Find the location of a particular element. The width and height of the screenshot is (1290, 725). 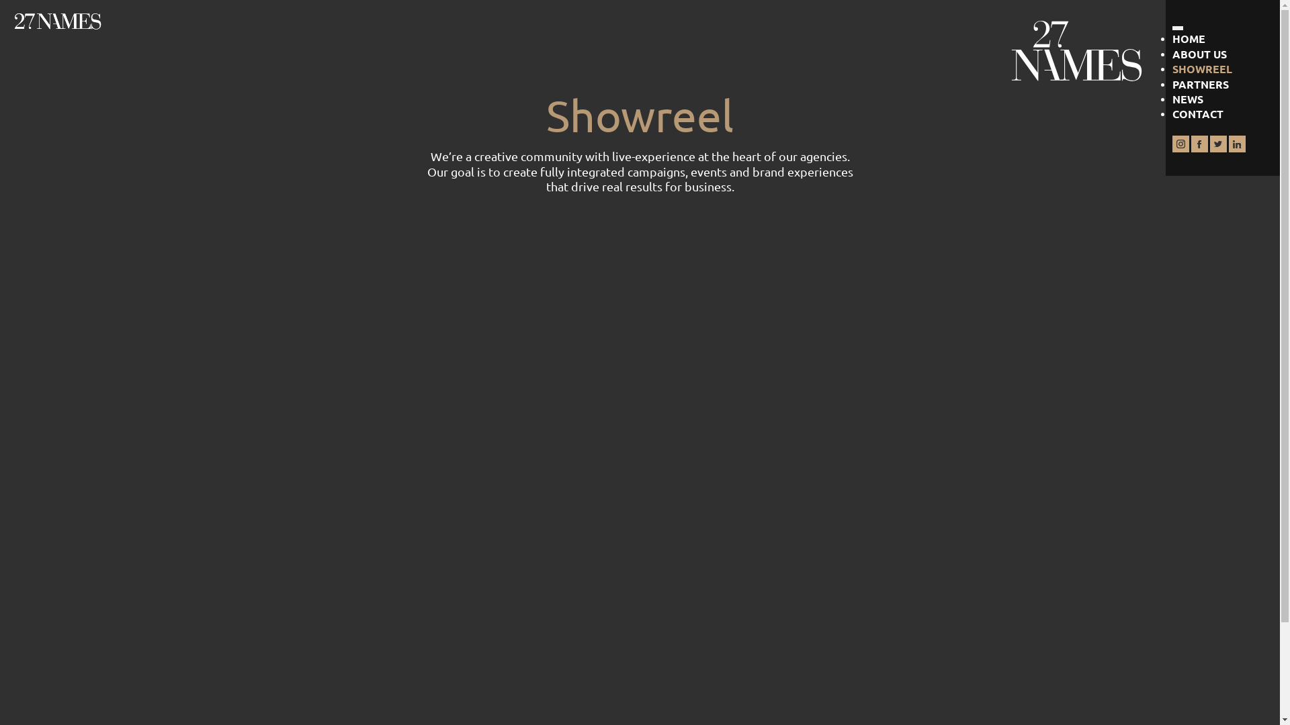

'HOME' is located at coordinates (1189, 38).